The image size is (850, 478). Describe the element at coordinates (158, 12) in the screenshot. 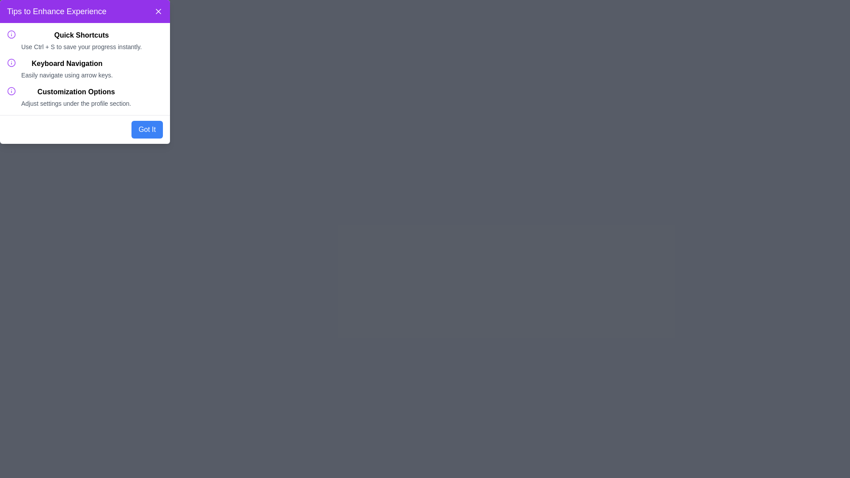

I see `the Close Button Icon (SVG) located at the top-right corner of the purple header of the modal dialog, which features an 'X' symbol for closing functionality` at that location.